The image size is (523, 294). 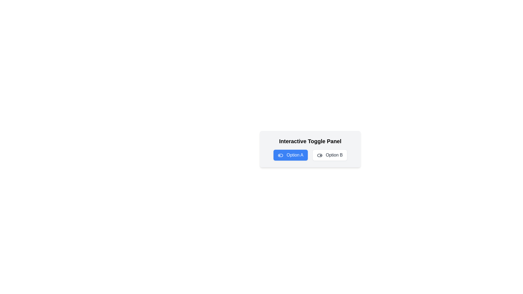 I want to click on the Toggle icon located on the left side of the 'Option B' button, so click(x=320, y=155).